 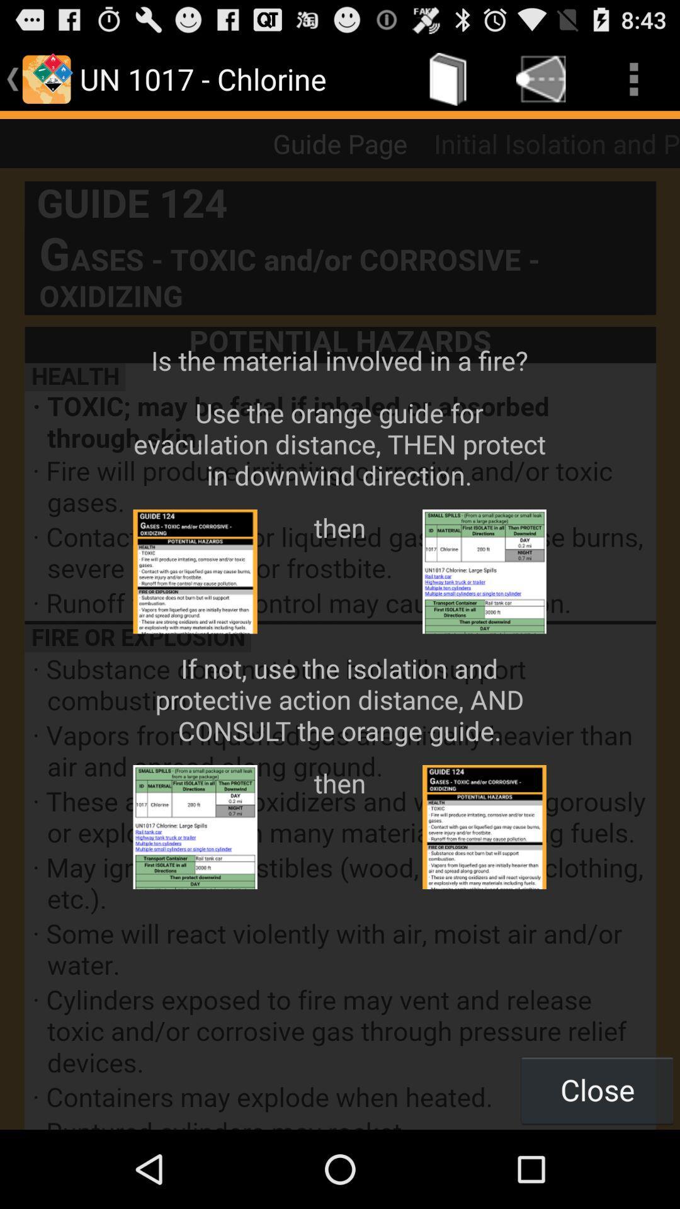 I want to click on app above guide page, so click(x=448, y=78).